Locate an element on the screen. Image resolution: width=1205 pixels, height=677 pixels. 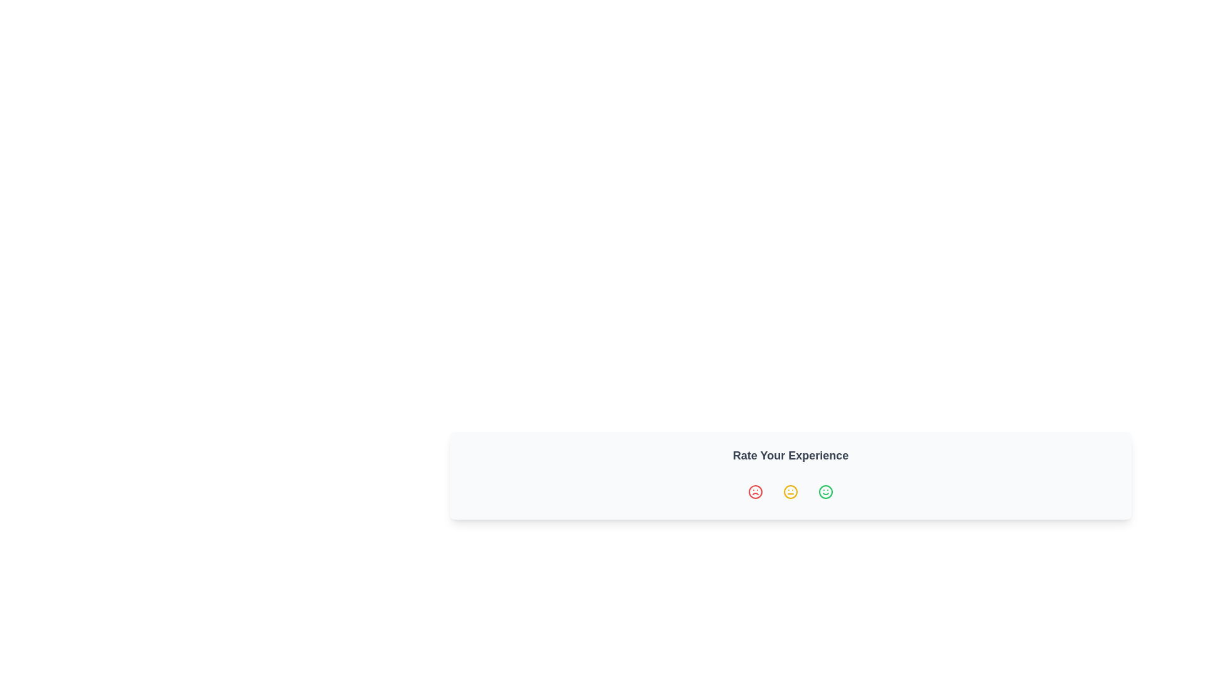
the 'Neutral' rating button located under the text 'Rate Your Experience', which is the middle option in a row of three buttons flanked by a sad face icon on the left and a happy face icon on the right is located at coordinates (790, 491).